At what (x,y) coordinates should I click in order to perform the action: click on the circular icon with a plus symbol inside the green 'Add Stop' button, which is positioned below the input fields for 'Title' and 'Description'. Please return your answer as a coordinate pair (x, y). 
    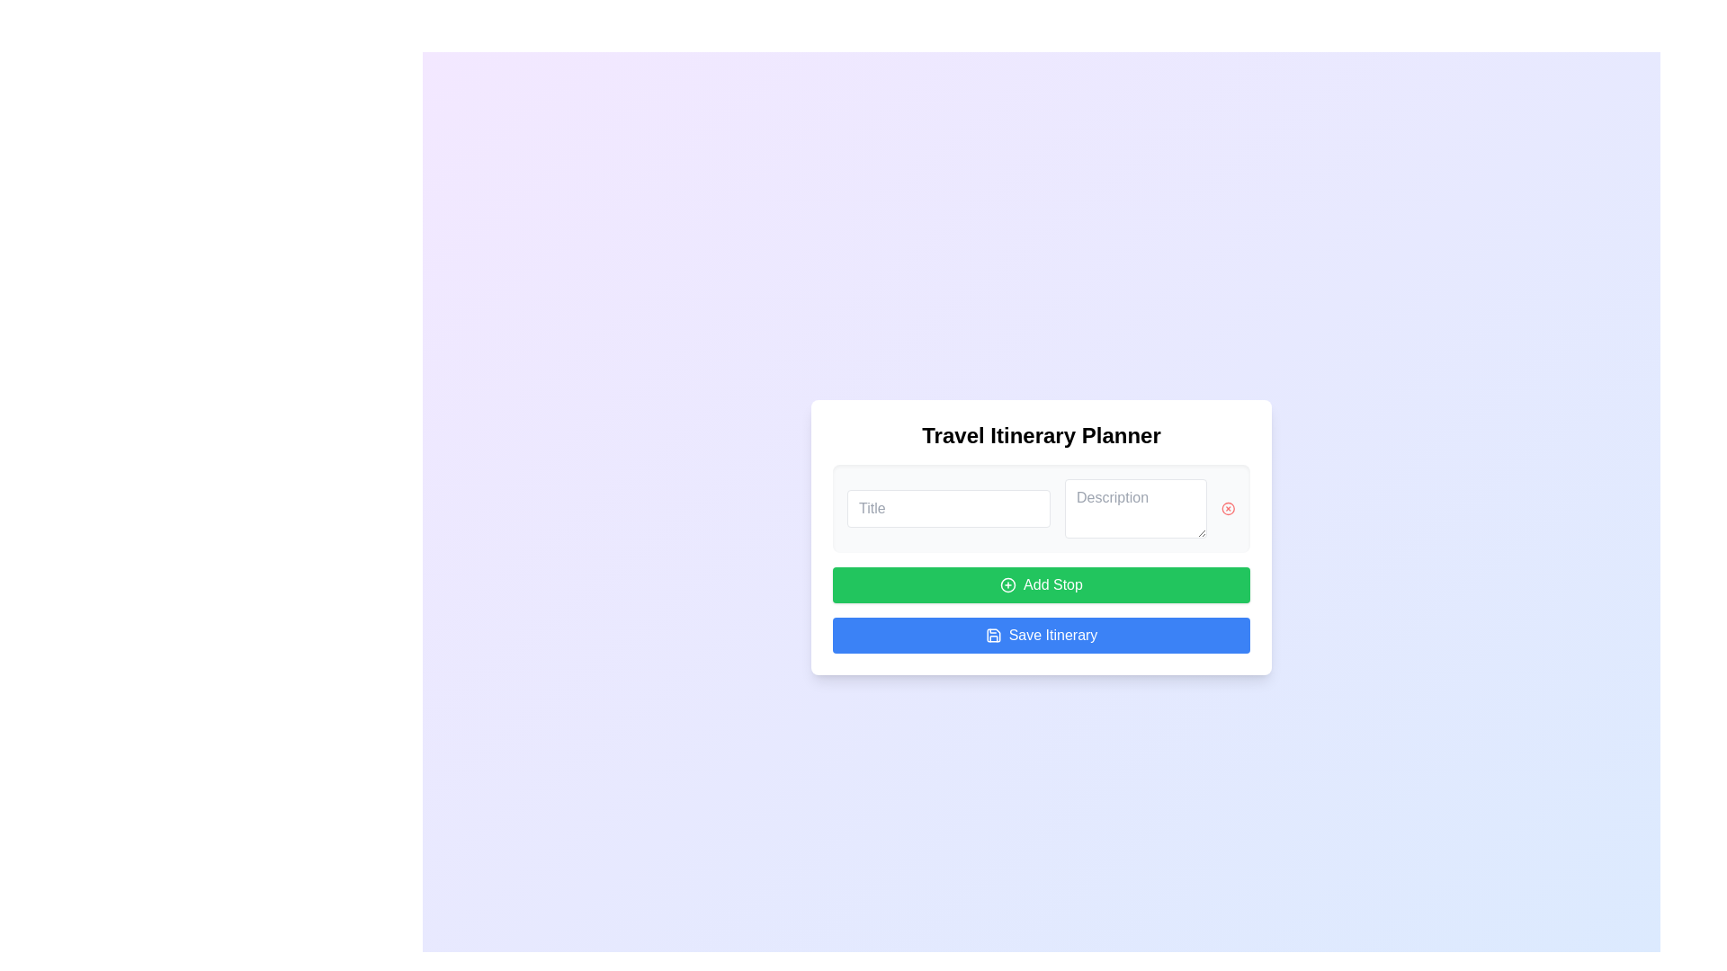
    Looking at the image, I should click on (1008, 585).